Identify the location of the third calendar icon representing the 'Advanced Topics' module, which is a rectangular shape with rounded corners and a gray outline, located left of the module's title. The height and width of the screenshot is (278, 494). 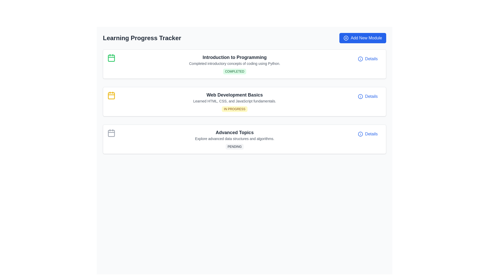
(111, 133).